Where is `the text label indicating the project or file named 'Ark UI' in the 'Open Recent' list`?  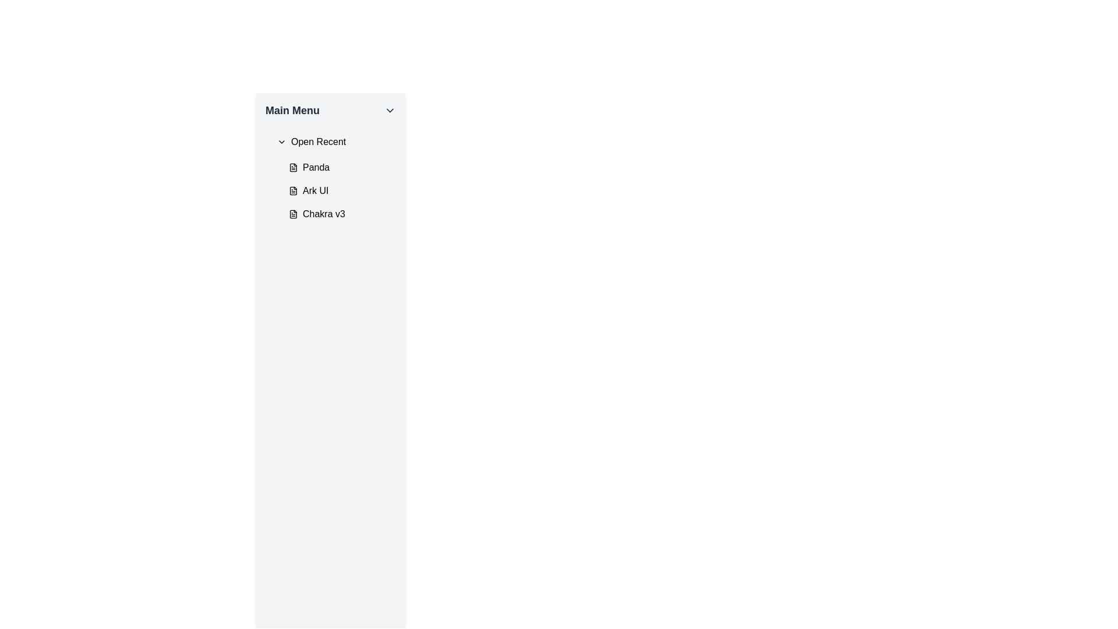 the text label indicating the project or file named 'Ark UI' in the 'Open Recent' list is located at coordinates (316, 190).